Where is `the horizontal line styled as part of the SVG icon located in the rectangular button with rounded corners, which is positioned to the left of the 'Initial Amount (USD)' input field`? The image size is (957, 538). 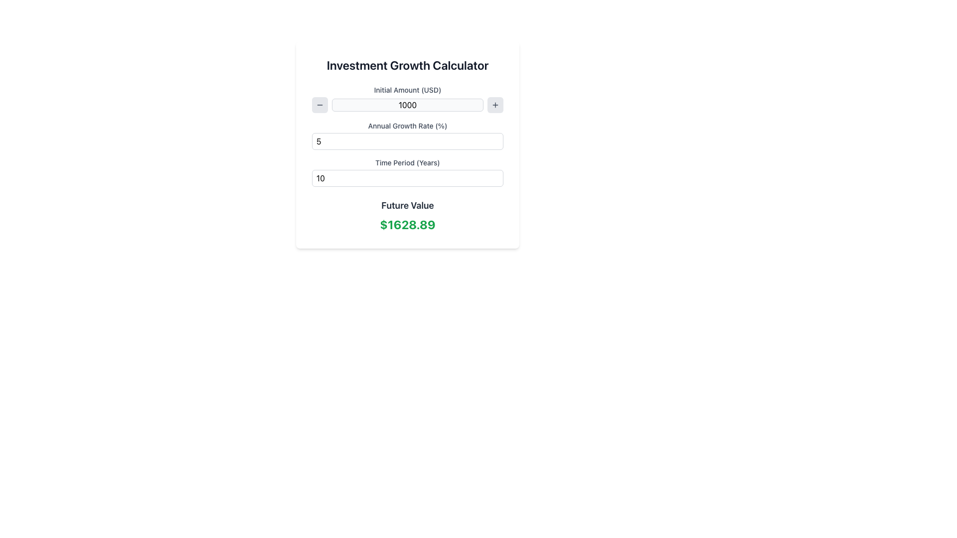
the horizontal line styled as part of the SVG icon located in the rectangular button with rounded corners, which is positioned to the left of the 'Initial Amount (USD)' input field is located at coordinates (320, 105).